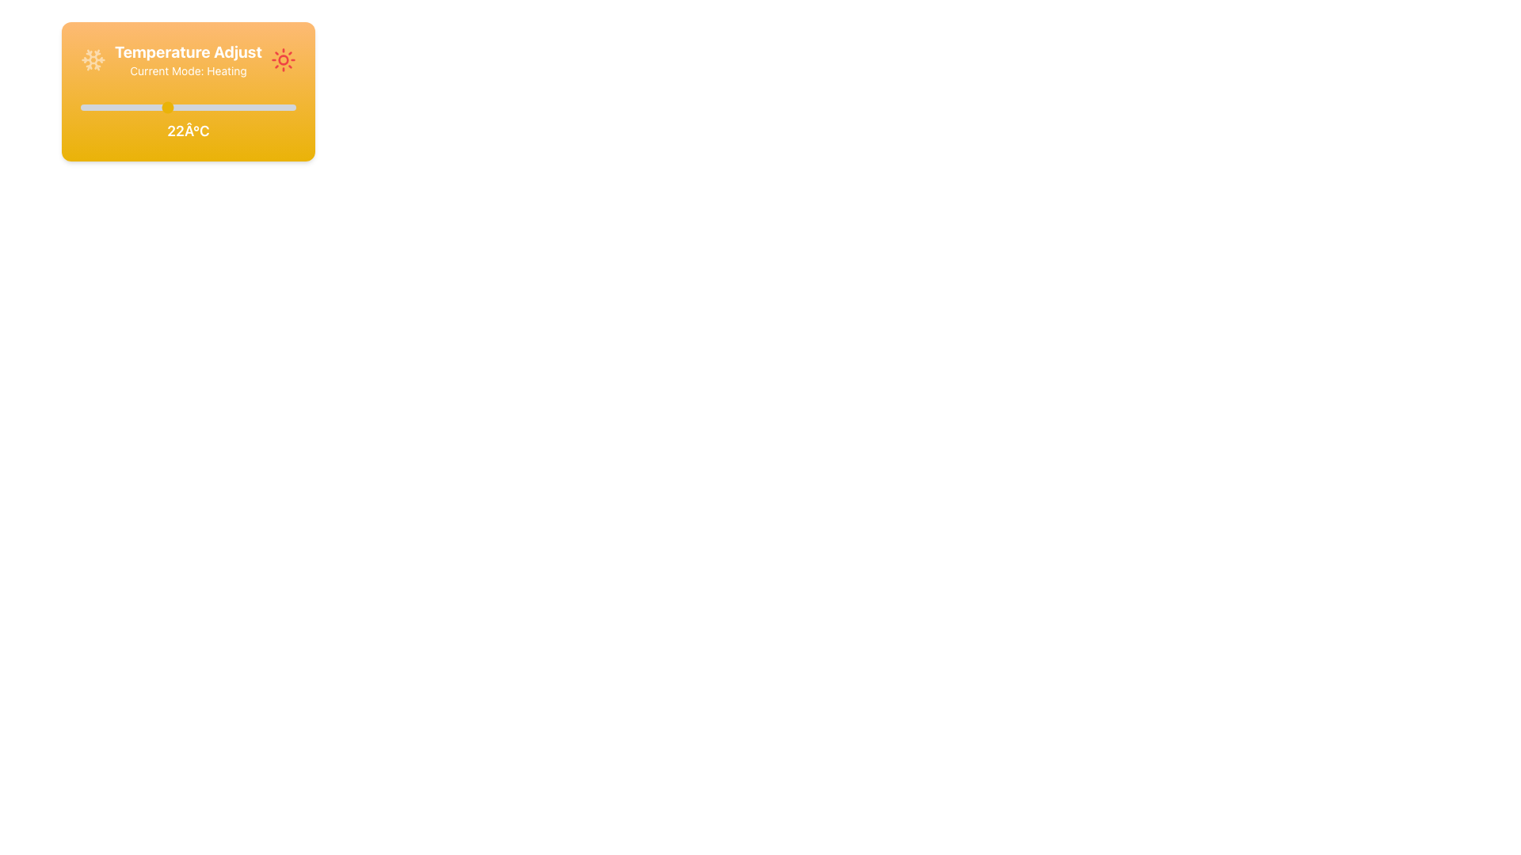  What do you see at coordinates (189, 59) in the screenshot?
I see `the informational label displaying 'Temperature Adjust' and 'Current Mode: Heating' with icons of a snowflake and sun on either side, located on a gradient orange background` at bounding box center [189, 59].